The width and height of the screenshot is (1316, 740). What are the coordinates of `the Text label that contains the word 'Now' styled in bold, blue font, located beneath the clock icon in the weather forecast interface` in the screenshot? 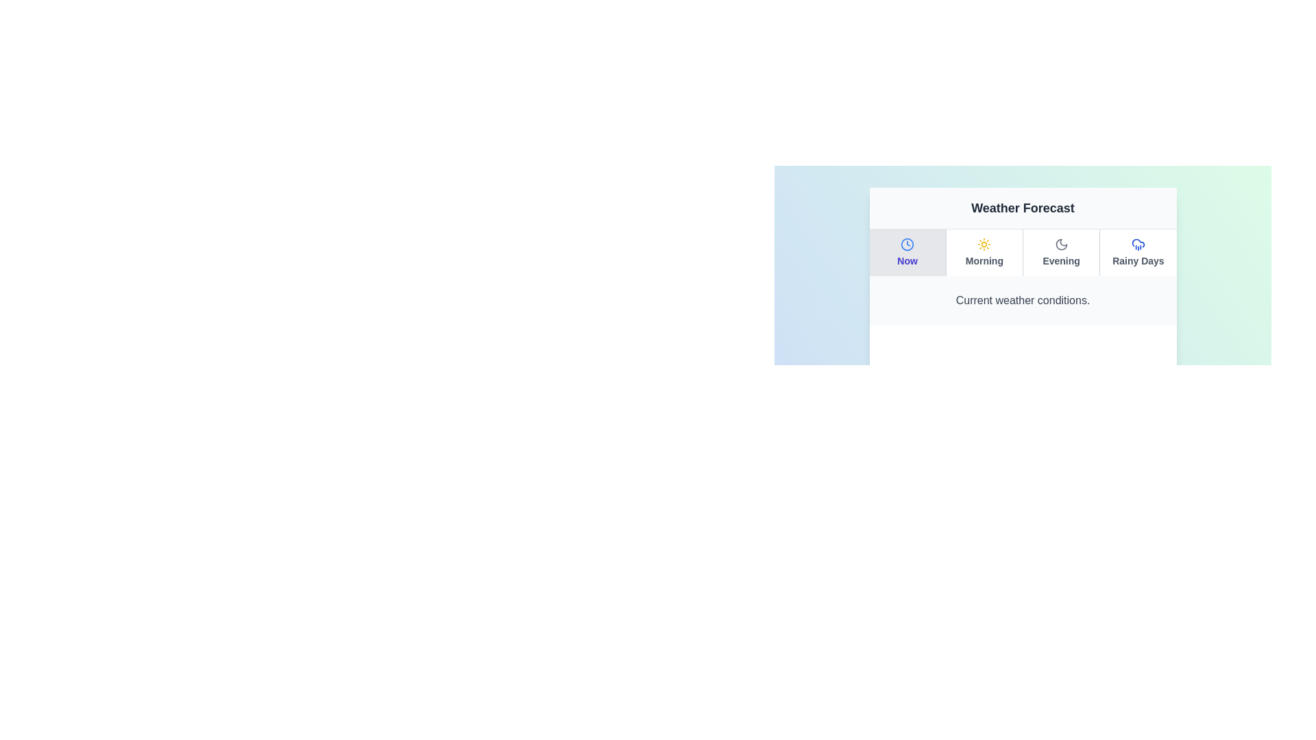 It's located at (907, 261).